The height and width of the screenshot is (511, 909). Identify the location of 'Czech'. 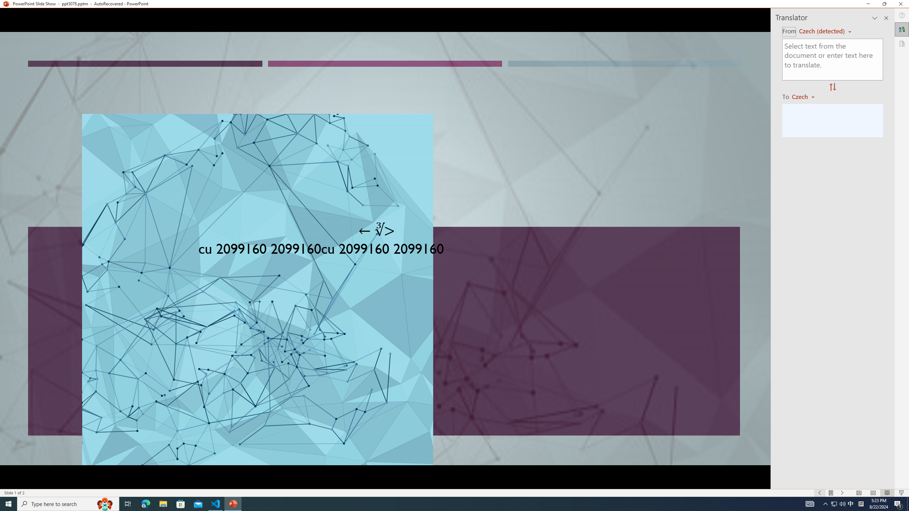
(806, 96).